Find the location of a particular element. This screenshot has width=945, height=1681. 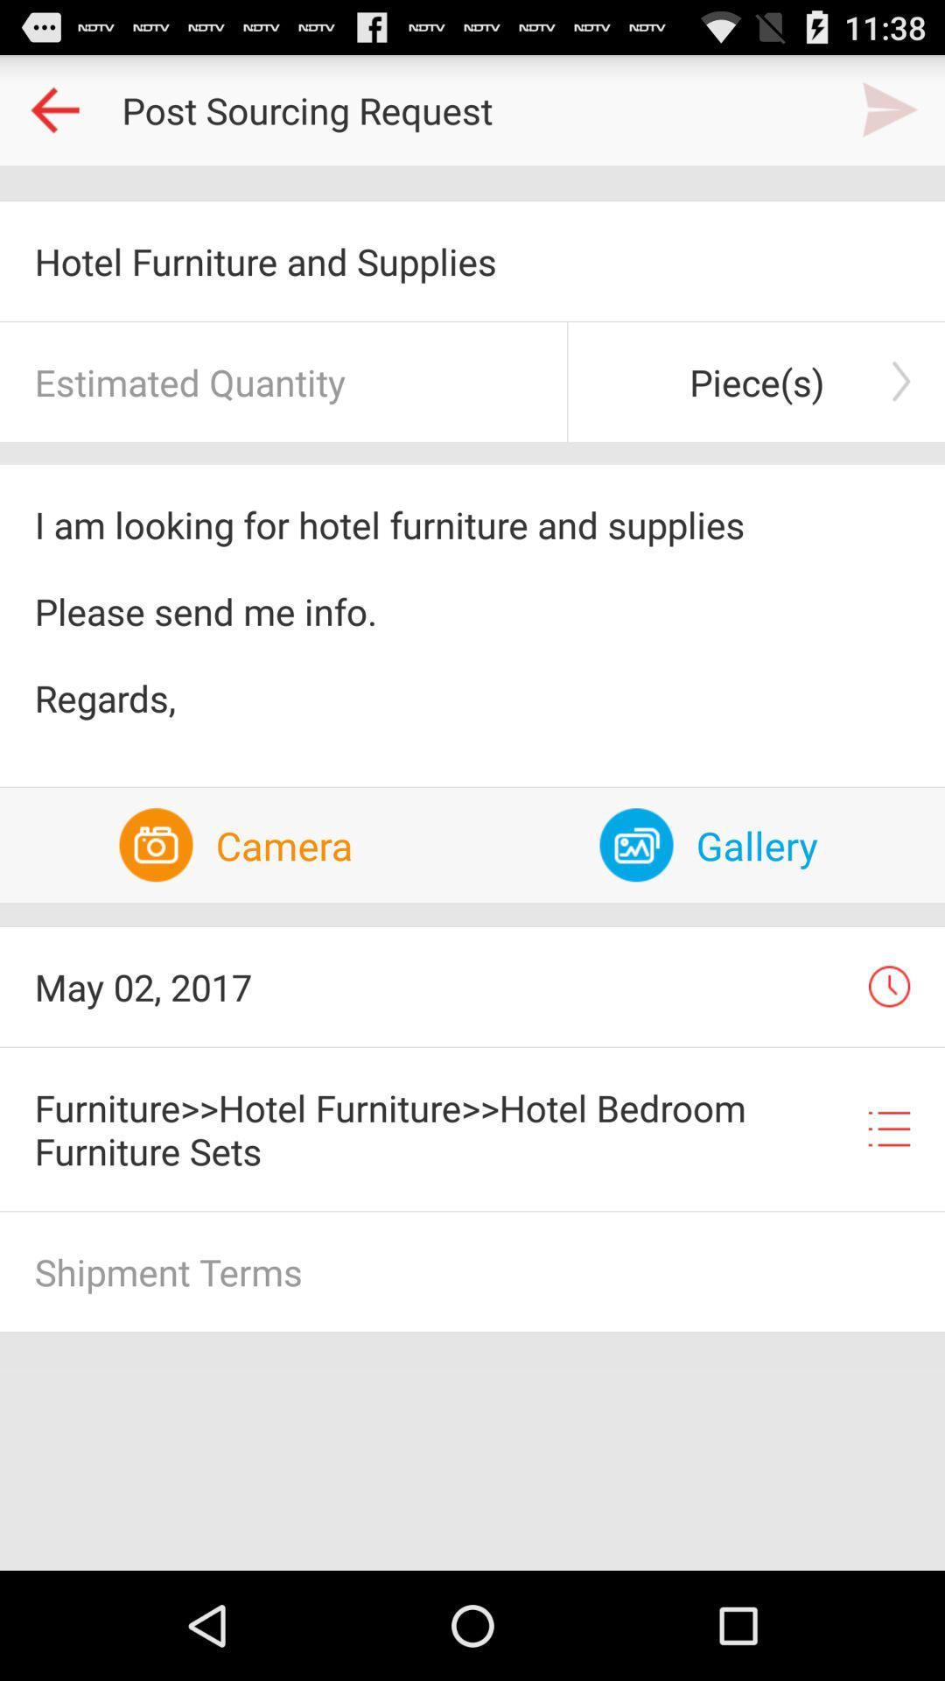

previous is located at coordinates (53, 109).